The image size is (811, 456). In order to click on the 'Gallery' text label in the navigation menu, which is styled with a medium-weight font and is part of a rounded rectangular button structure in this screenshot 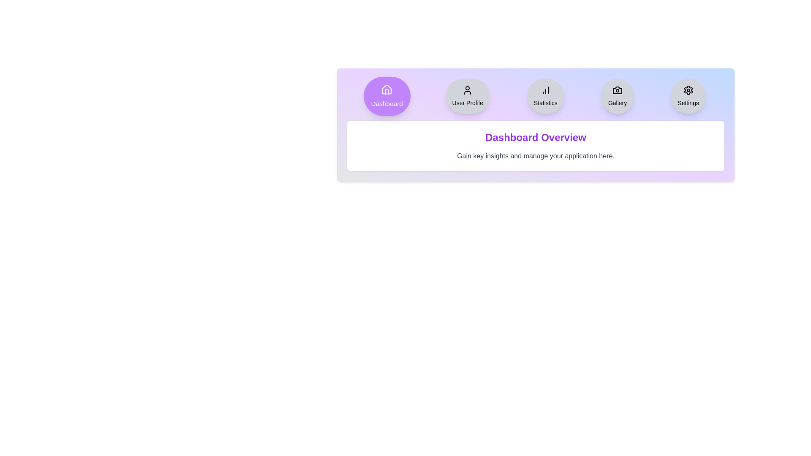, I will do `click(618, 102)`.